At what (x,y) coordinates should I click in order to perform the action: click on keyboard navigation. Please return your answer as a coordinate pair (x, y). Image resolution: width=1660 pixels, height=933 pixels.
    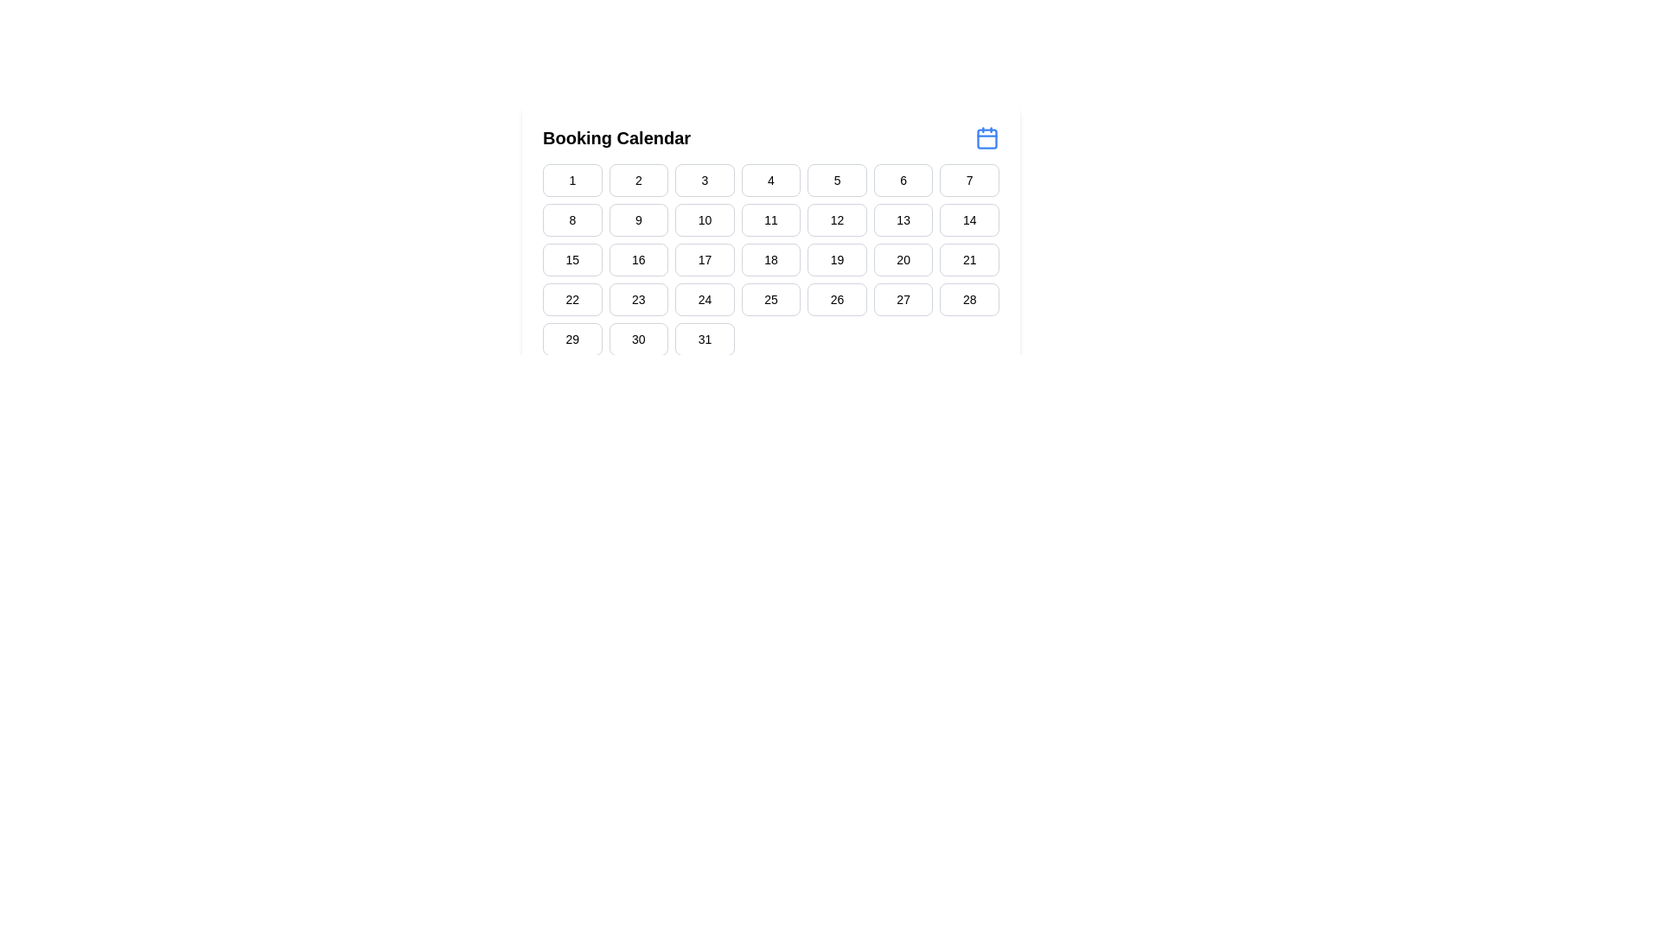
    Looking at the image, I should click on (705, 340).